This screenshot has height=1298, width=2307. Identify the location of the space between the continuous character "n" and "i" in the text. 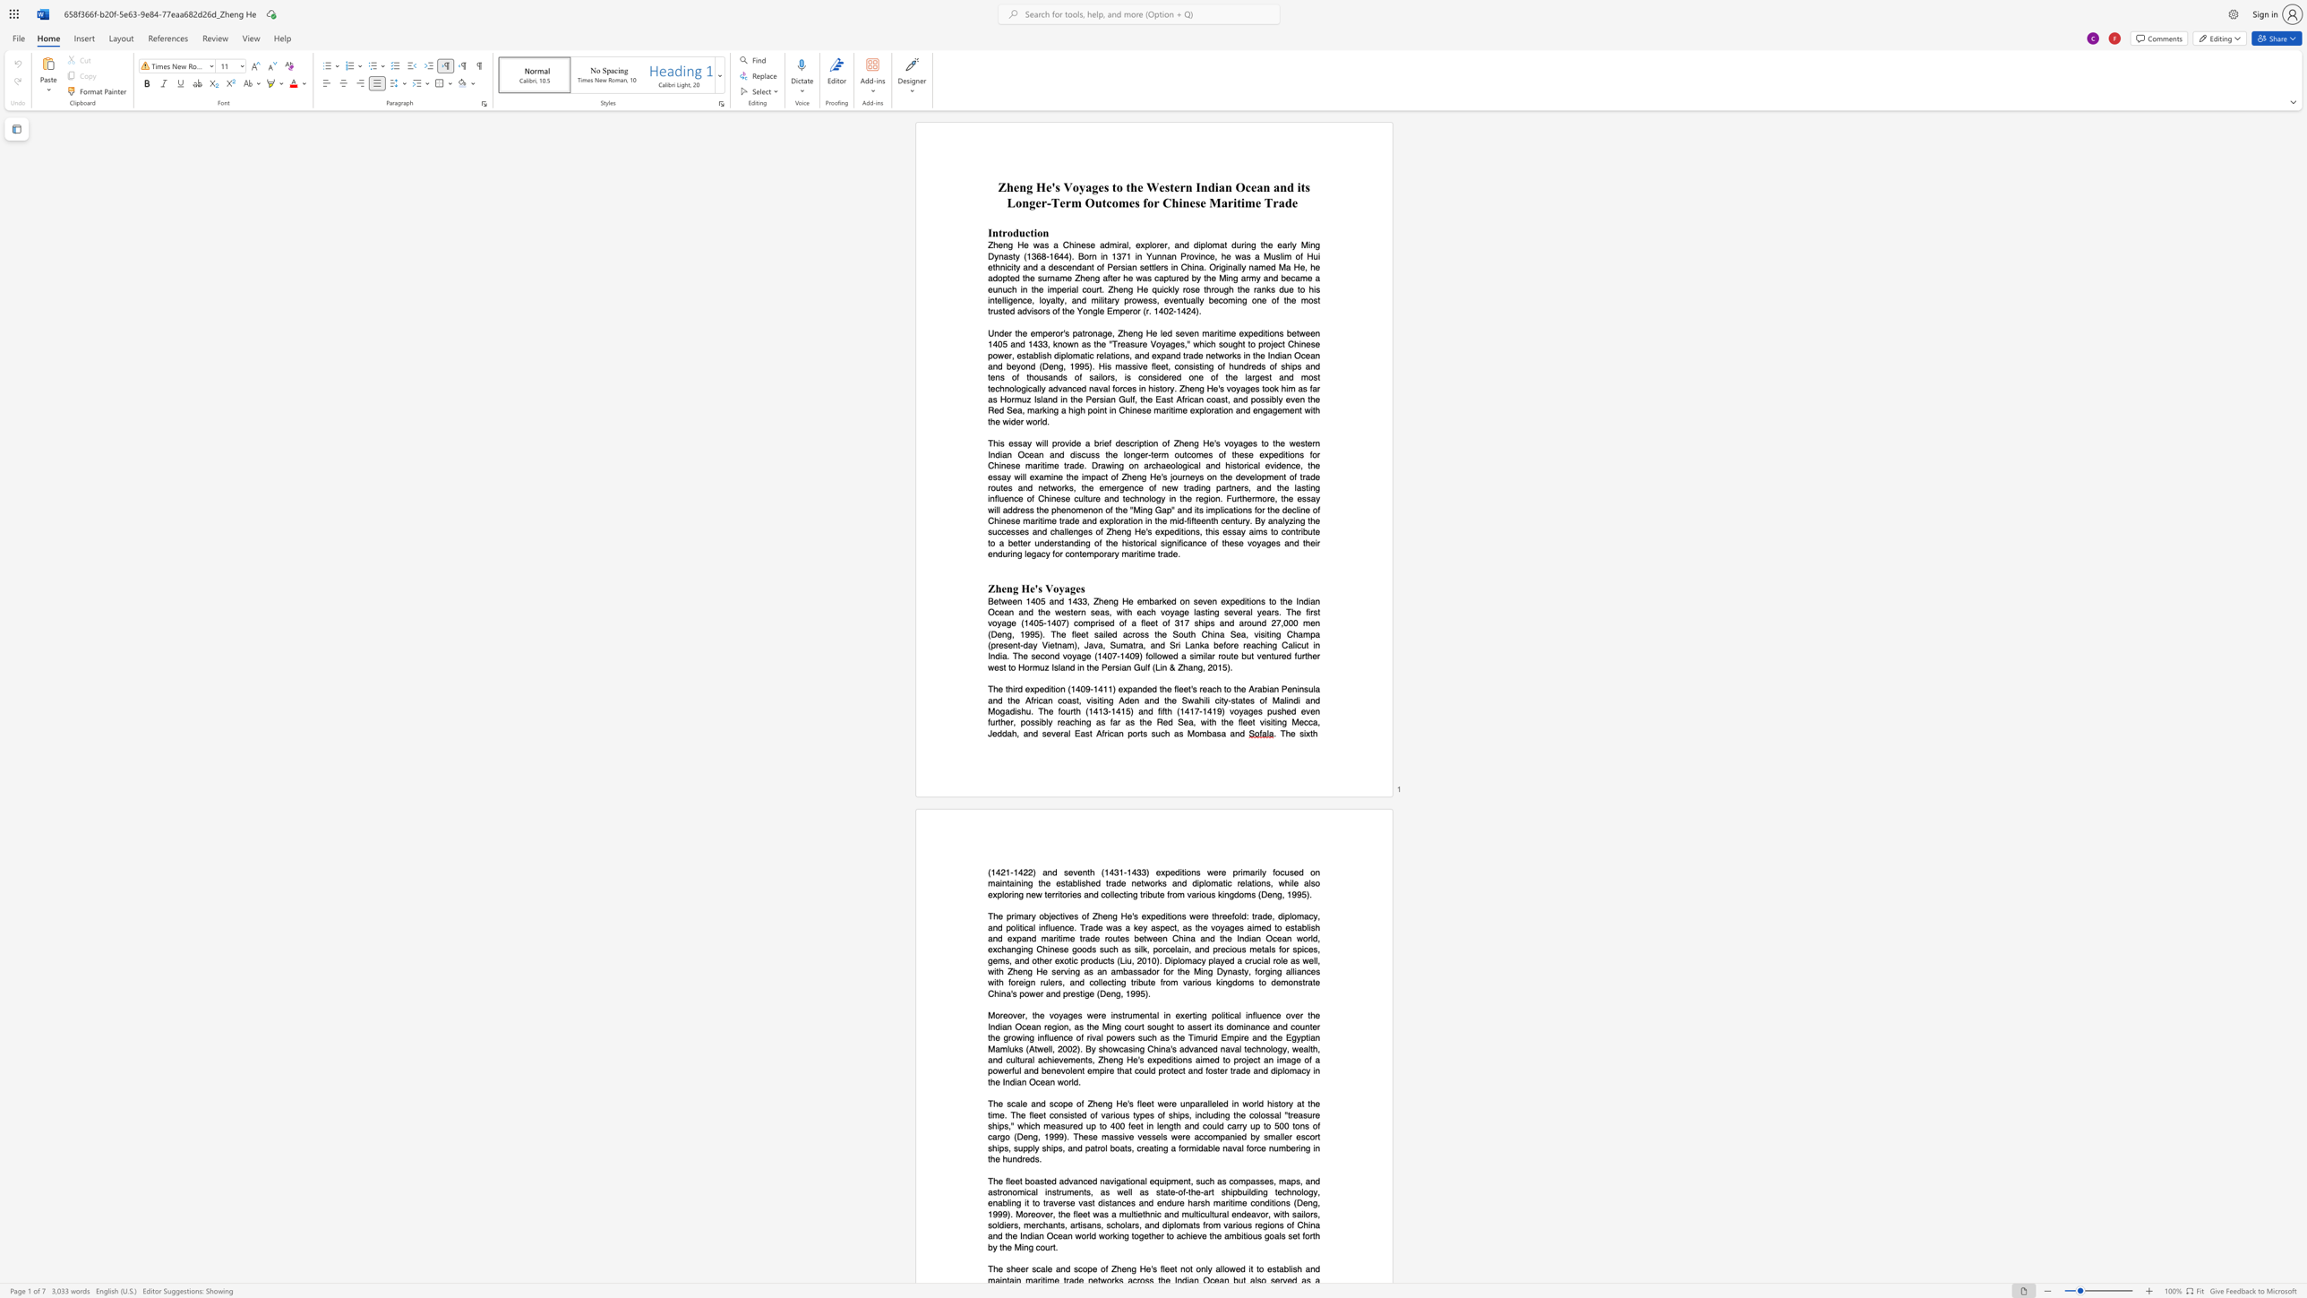
(1019, 883).